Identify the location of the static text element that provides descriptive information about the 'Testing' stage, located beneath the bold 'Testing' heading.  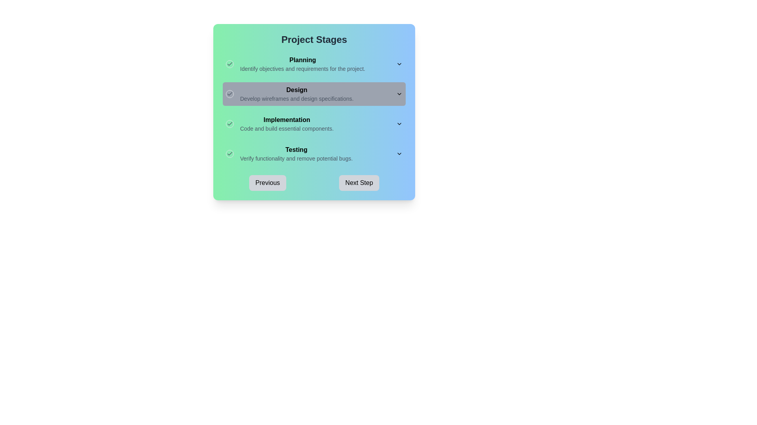
(296, 158).